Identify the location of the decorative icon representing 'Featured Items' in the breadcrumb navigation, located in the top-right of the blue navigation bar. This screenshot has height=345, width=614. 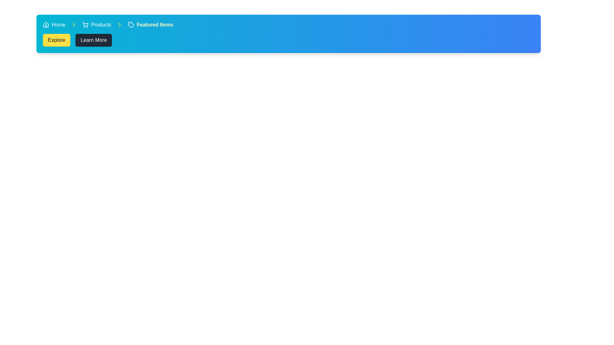
(130, 24).